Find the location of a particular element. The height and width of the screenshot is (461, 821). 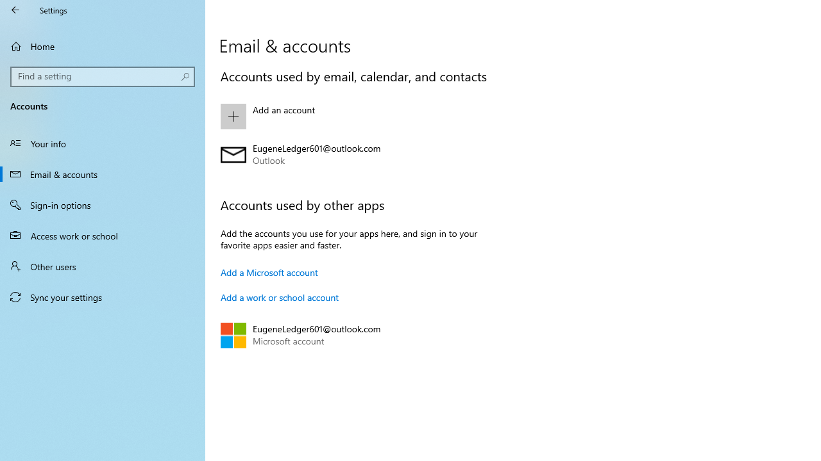

'Home' is located at coordinates (103, 45).